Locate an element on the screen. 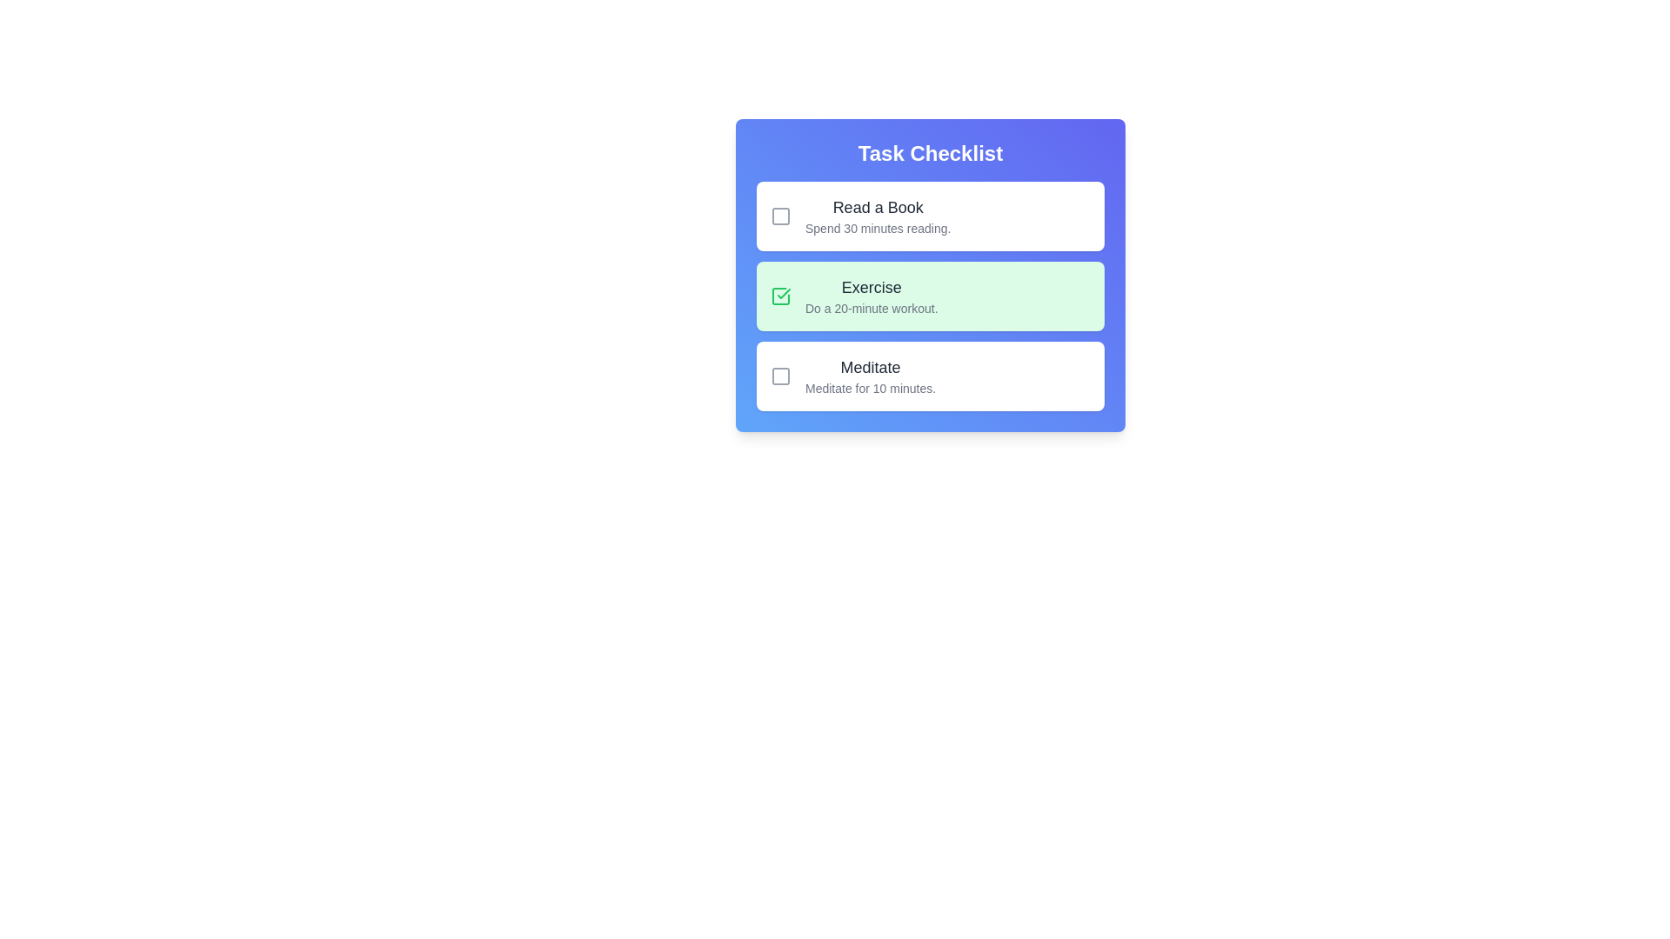  the task text to inspect its details. Specify the task title as Exercise is located at coordinates (872, 287).